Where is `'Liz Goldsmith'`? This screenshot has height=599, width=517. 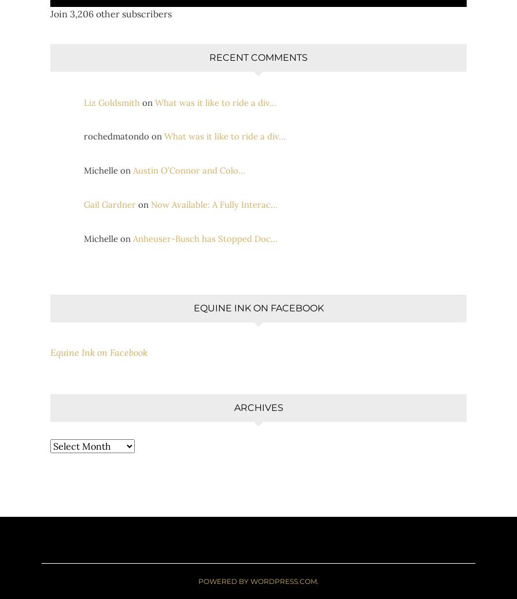 'Liz Goldsmith' is located at coordinates (112, 102).